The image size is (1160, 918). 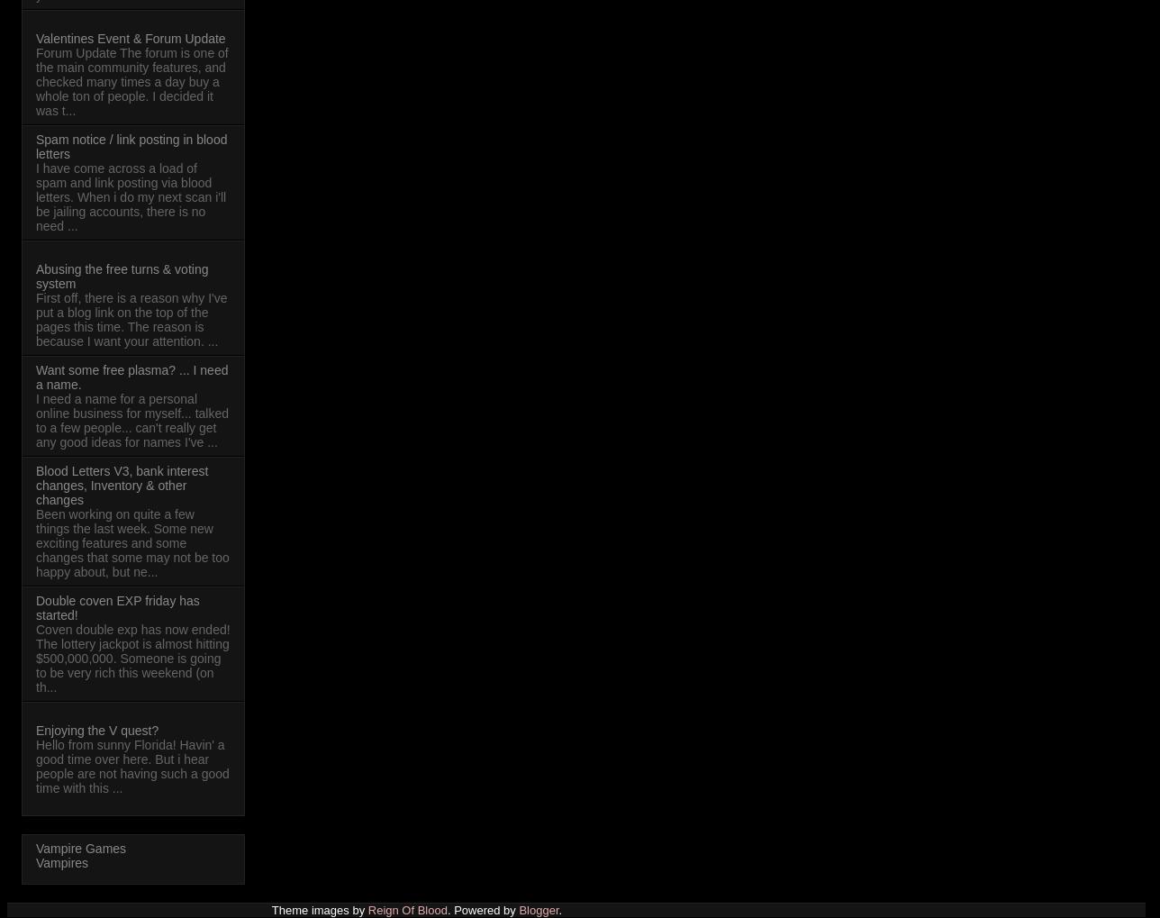 What do you see at coordinates (122, 485) in the screenshot?
I see `'Blood Letters V3, bank interest changes, Inventory & other changes'` at bounding box center [122, 485].